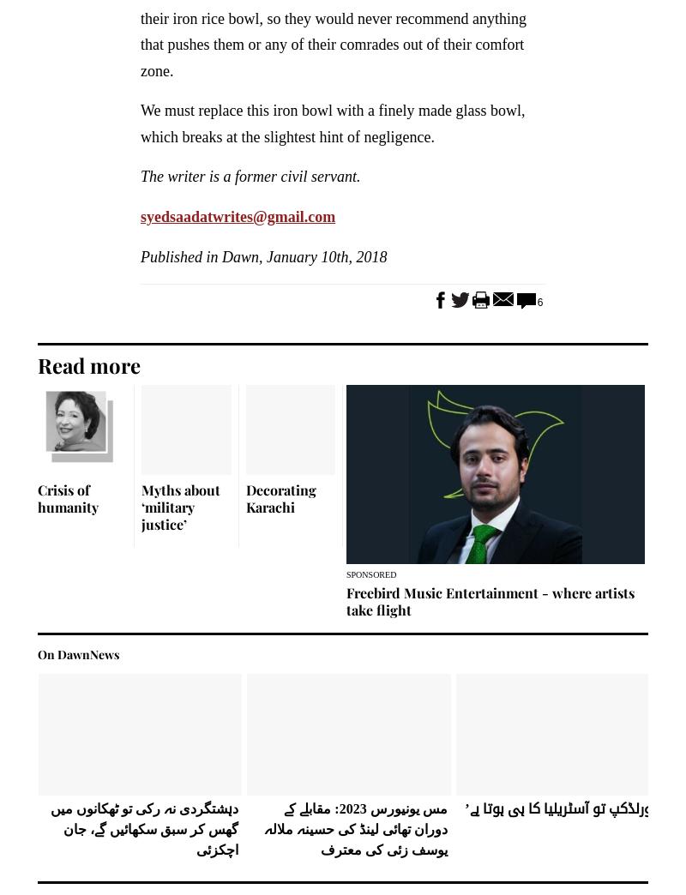 The image size is (686, 895). Describe the element at coordinates (141, 176) in the screenshot. I see `'The writer is a former civil servant.'` at that location.